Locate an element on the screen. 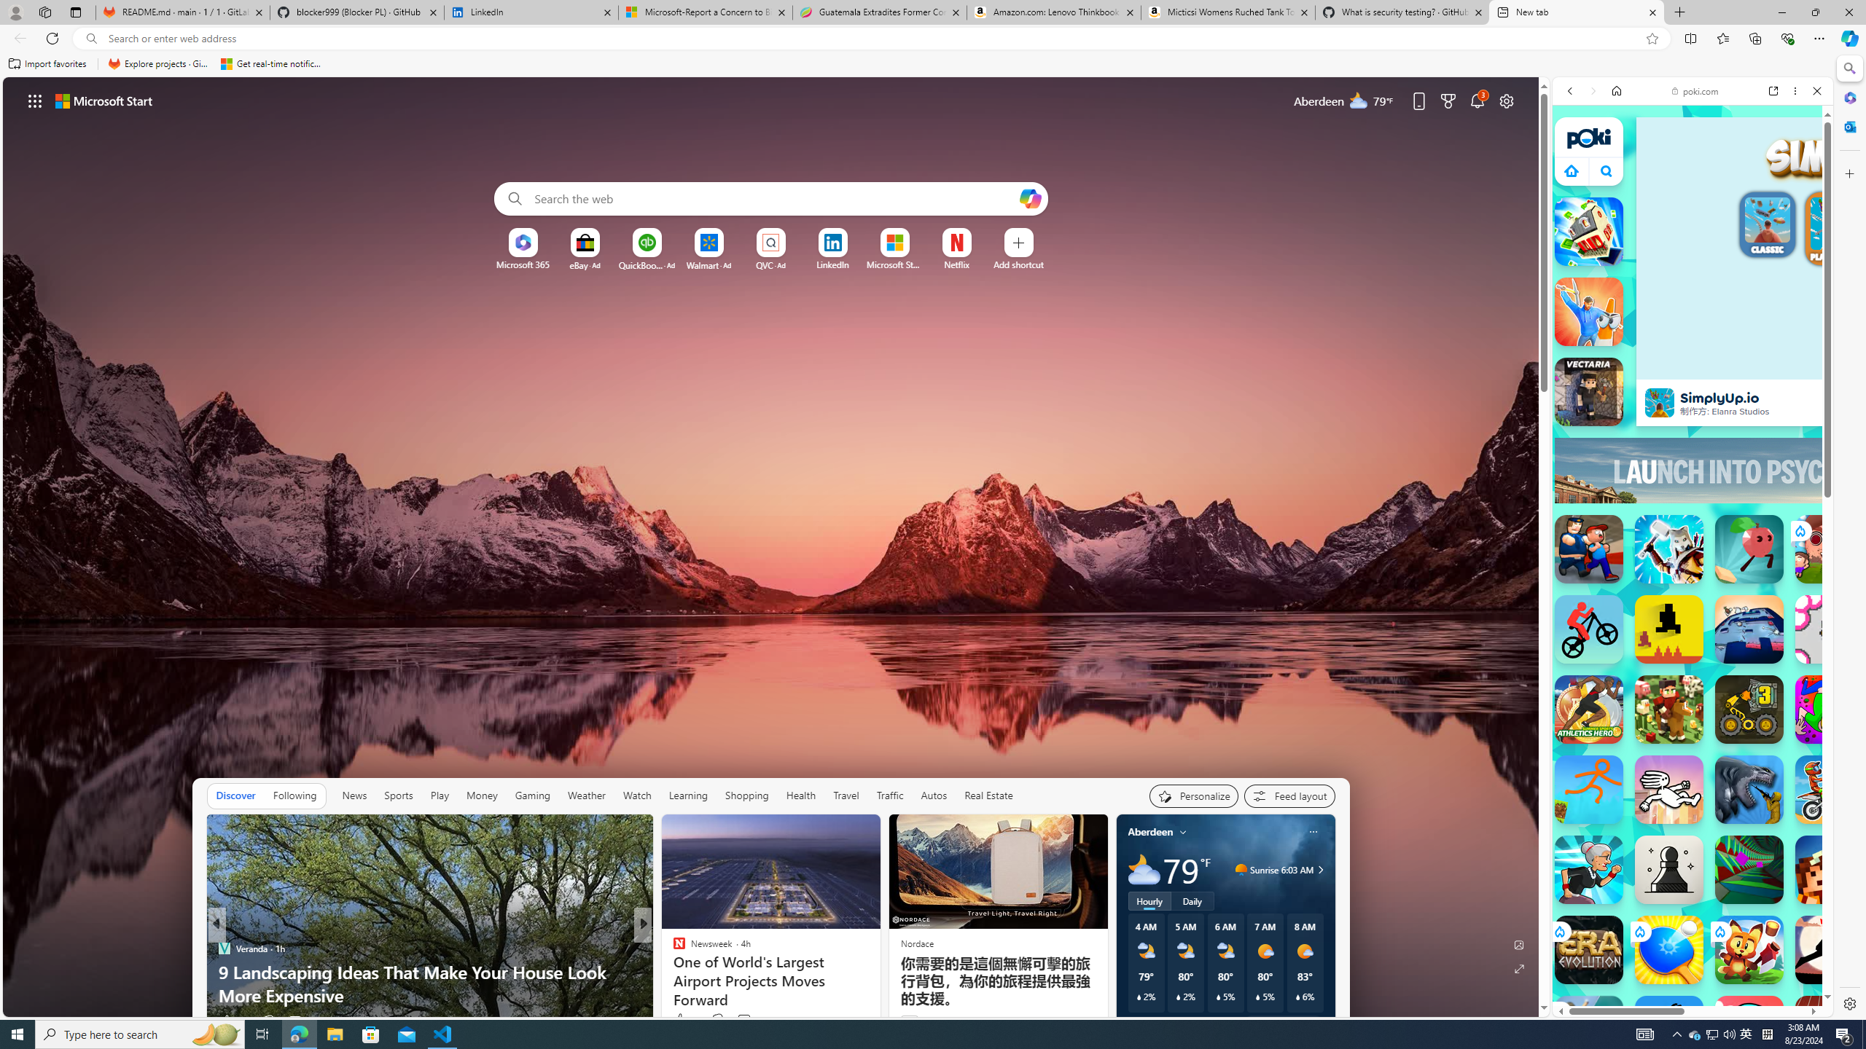 The height and width of the screenshot is (1049, 1866). '100 Metres Race' is located at coordinates (1830, 1029).